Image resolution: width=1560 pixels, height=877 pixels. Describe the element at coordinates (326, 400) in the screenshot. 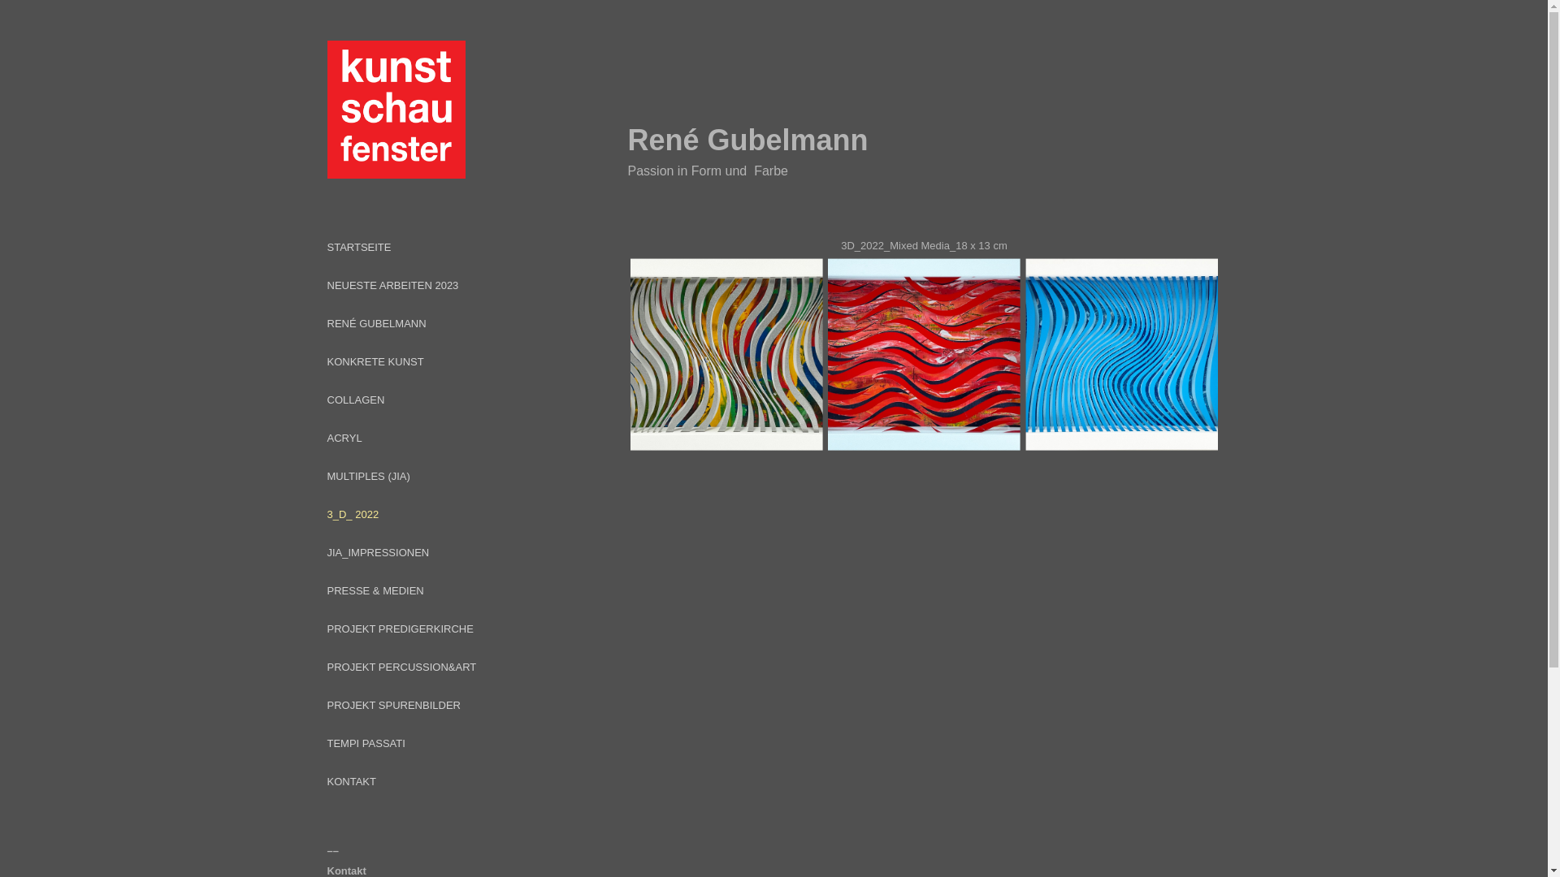

I see `'COLLAGEN'` at that location.